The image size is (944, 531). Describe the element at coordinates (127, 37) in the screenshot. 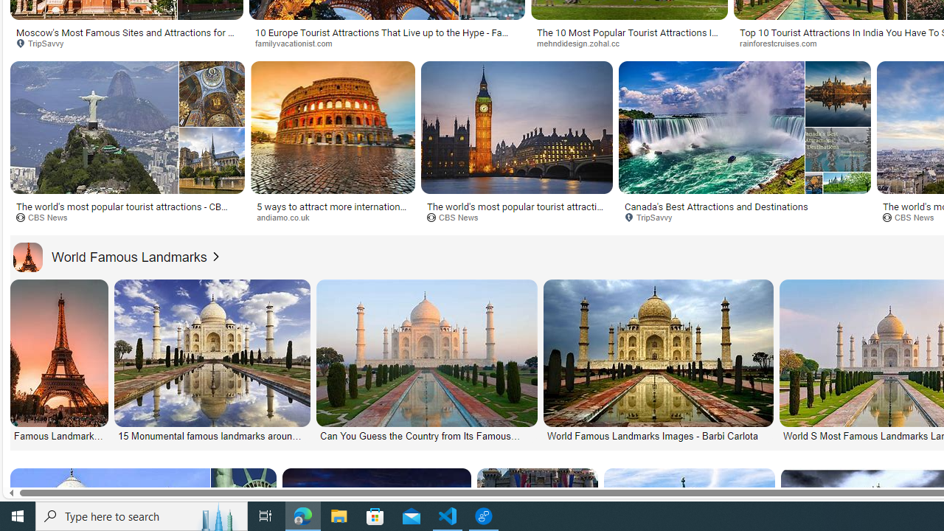

I see `'Moscow'` at that location.